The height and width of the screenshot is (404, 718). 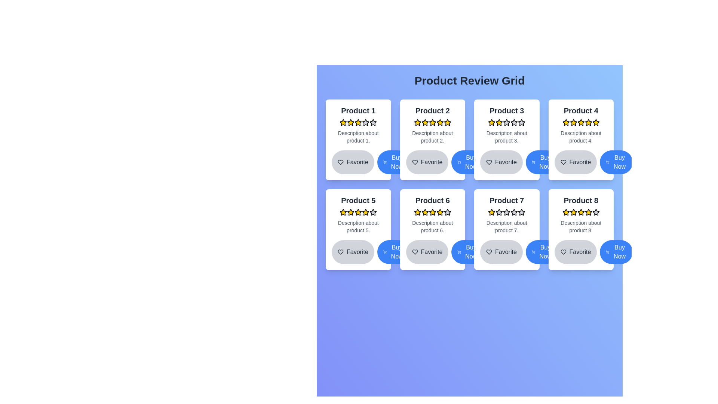 What do you see at coordinates (447, 212) in the screenshot?
I see `the Rating Icon (Star) element, which is styled with a gray fill and thin black border, located under 'Product 6' in the second row, third column of the product review grid` at bounding box center [447, 212].